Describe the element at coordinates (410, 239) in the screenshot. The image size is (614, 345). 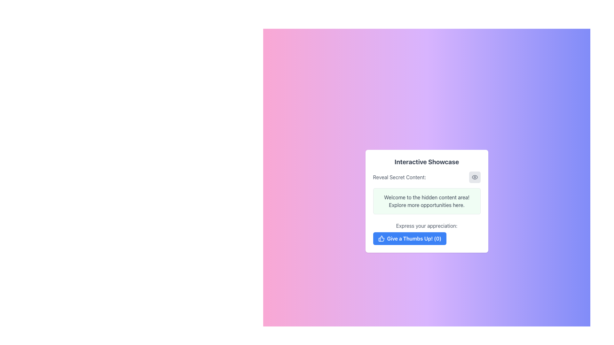
I see `the rectangular button labeled 'Give a Thumbs Up! (0)' with a blue background to trigger the color change effect` at that location.